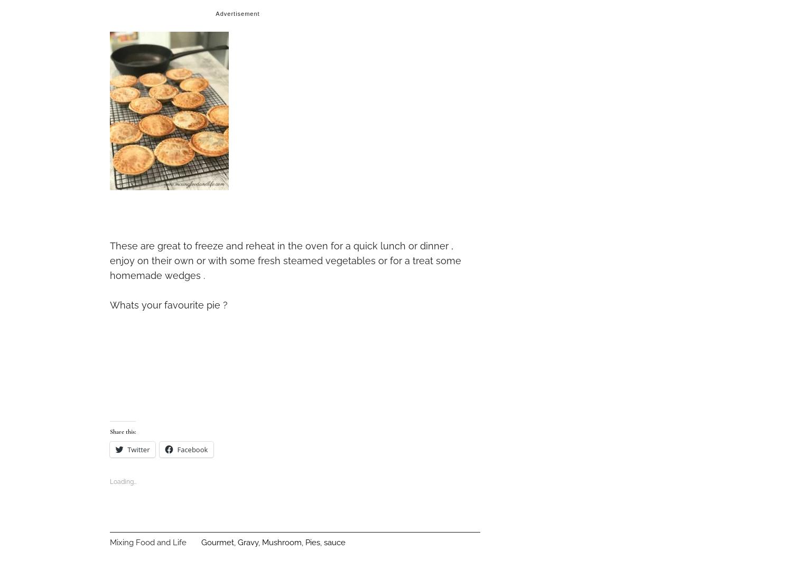 The height and width of the screenshot is (569, 801). Describe the element at coordinates (334, 541) in the screenshot. I see `'sauce'` at that location.